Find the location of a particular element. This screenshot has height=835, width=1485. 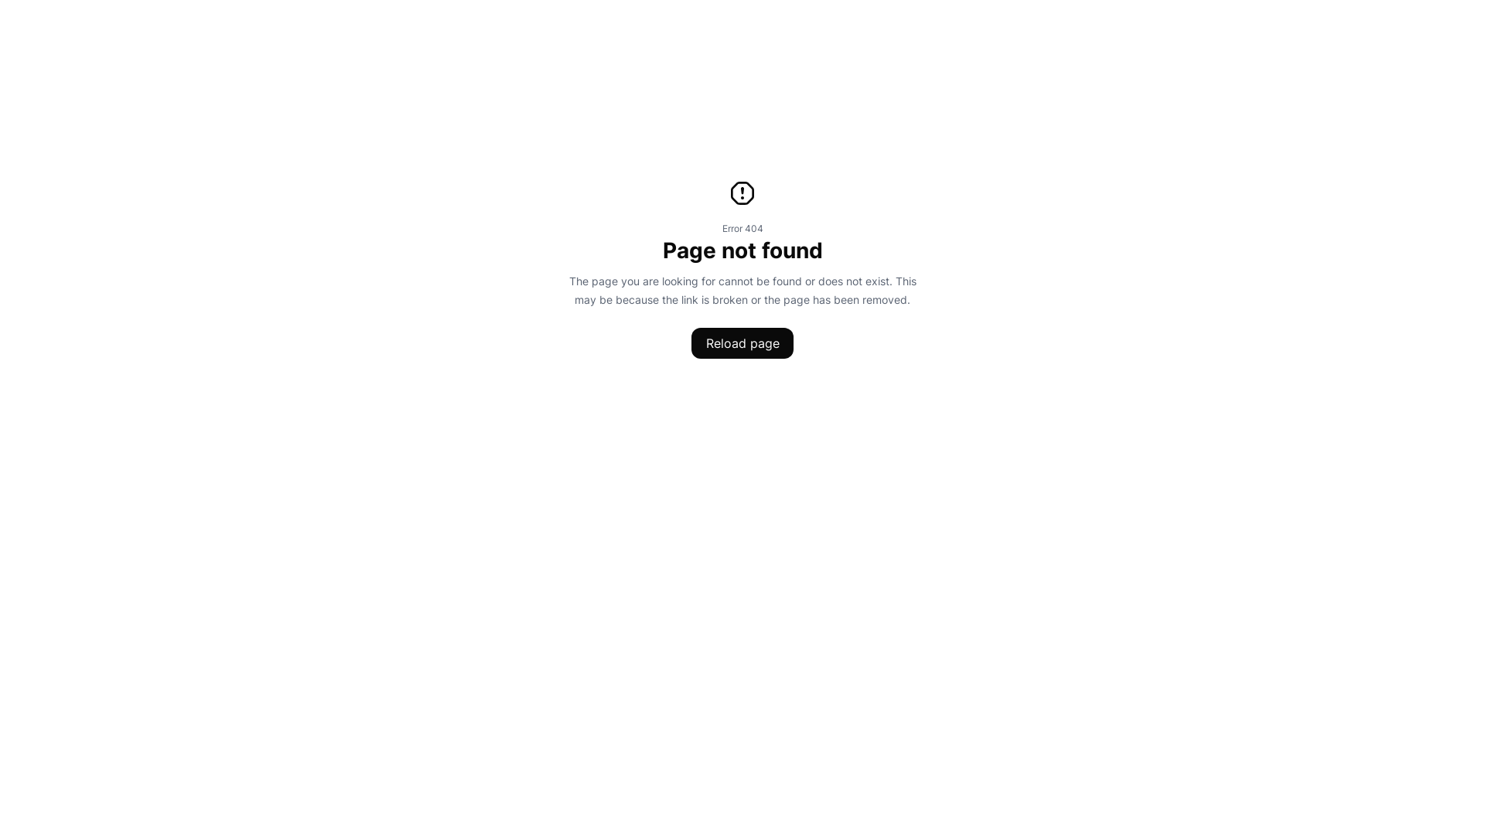

'Reload page' is located at coordinates (742, 342).